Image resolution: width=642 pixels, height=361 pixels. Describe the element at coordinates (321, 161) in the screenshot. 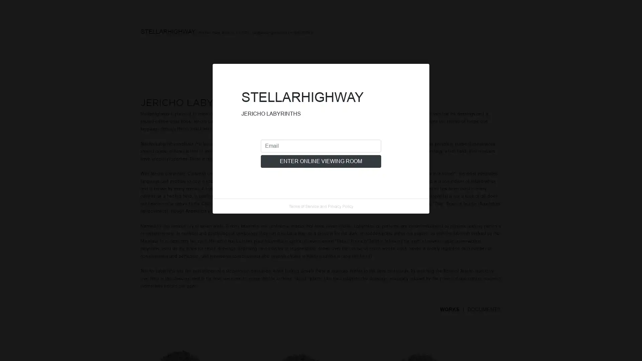

I see `ENTER ONLINE VIEWING ROOM` at that location.